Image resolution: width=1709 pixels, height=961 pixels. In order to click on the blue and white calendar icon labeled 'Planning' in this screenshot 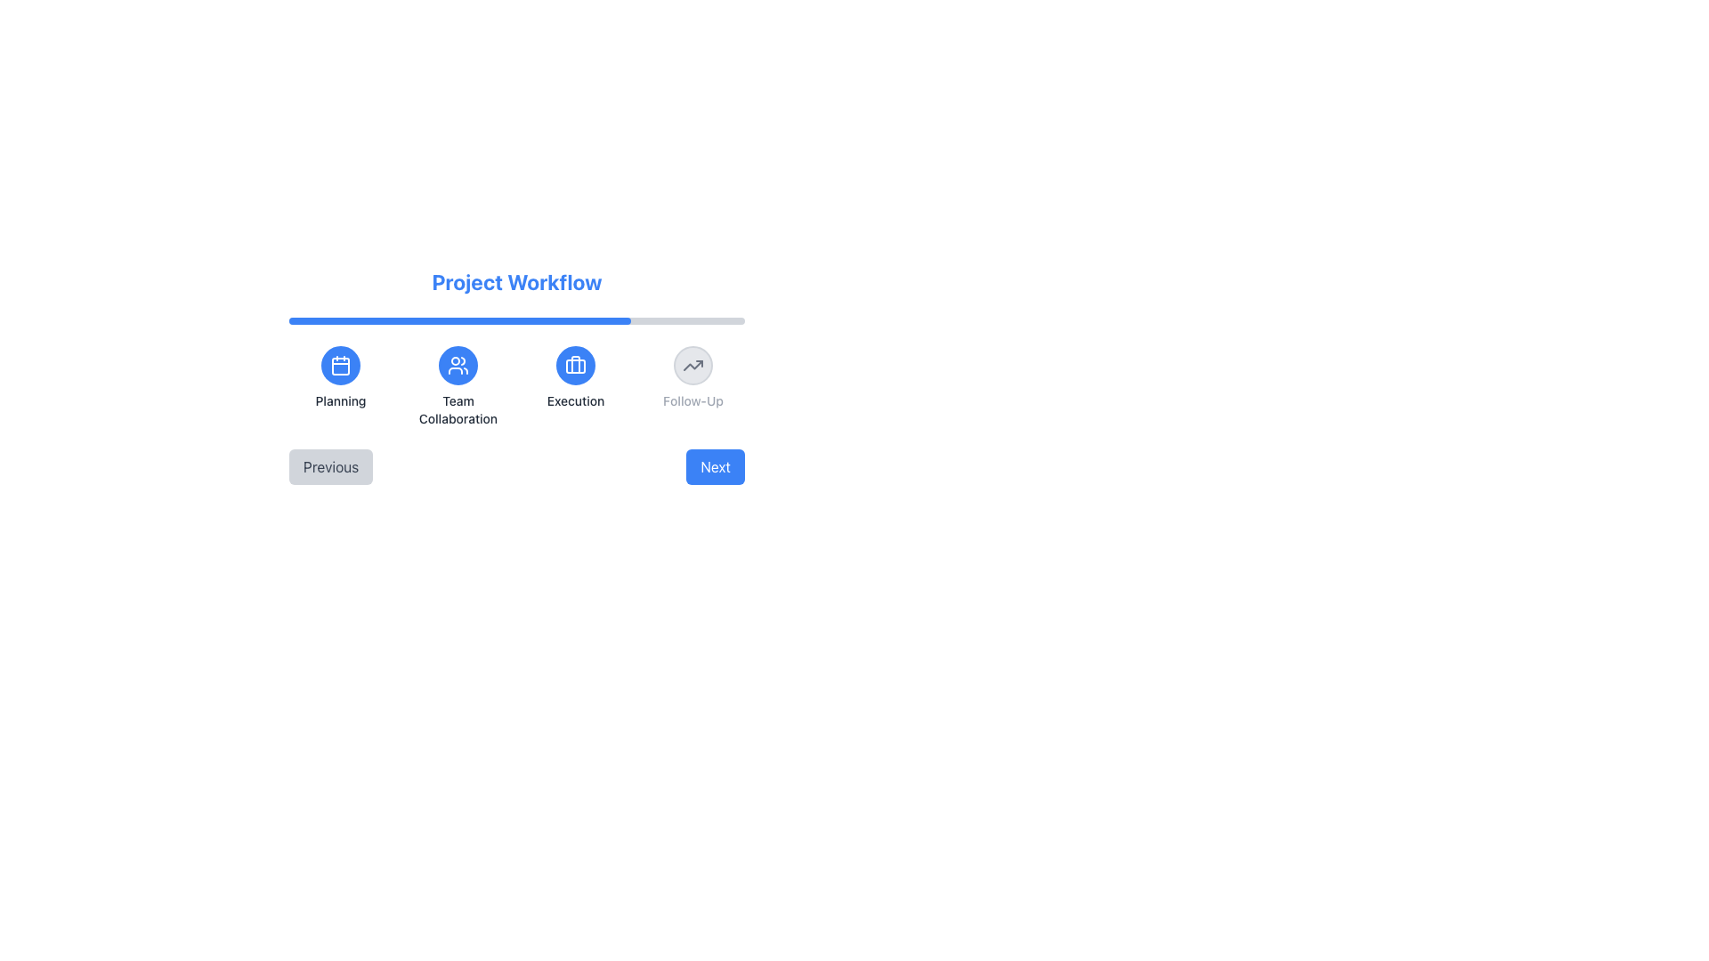, I will do `click(341, 365)`.